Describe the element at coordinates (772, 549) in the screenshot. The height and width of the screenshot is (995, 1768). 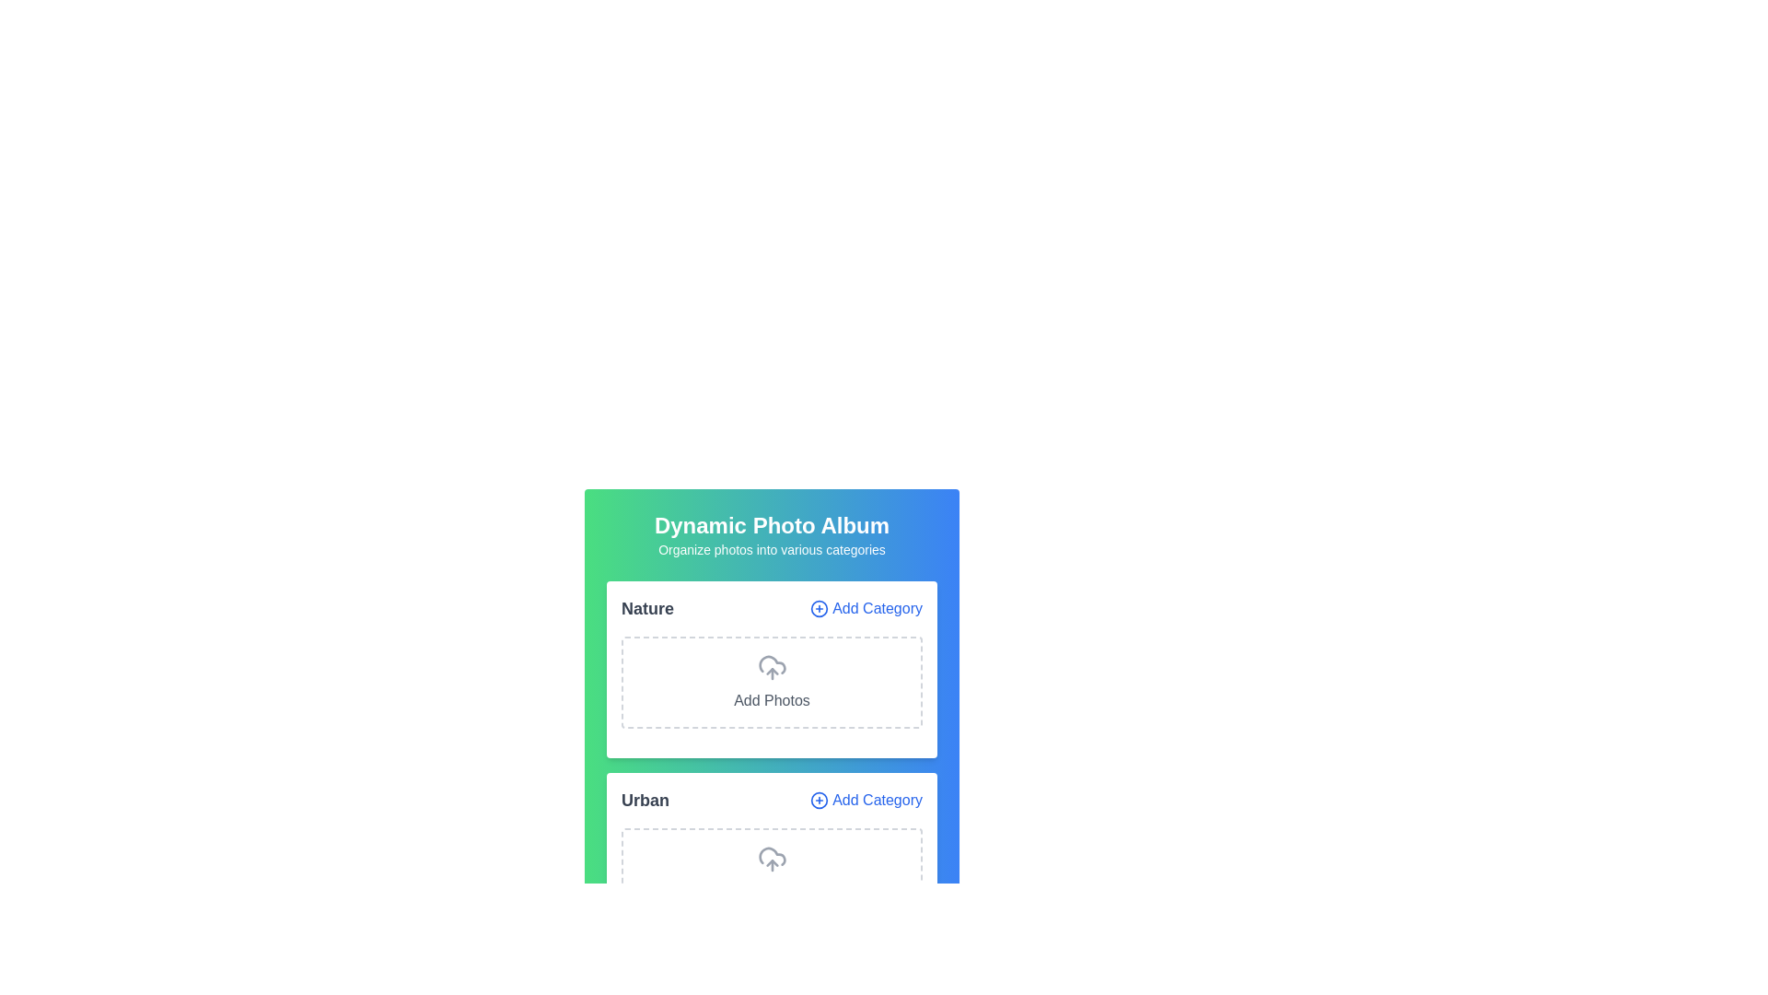
I see `the static text label that serves as a descriptive subtitle below the heading 'Dynamic Photo Album'` at that location.